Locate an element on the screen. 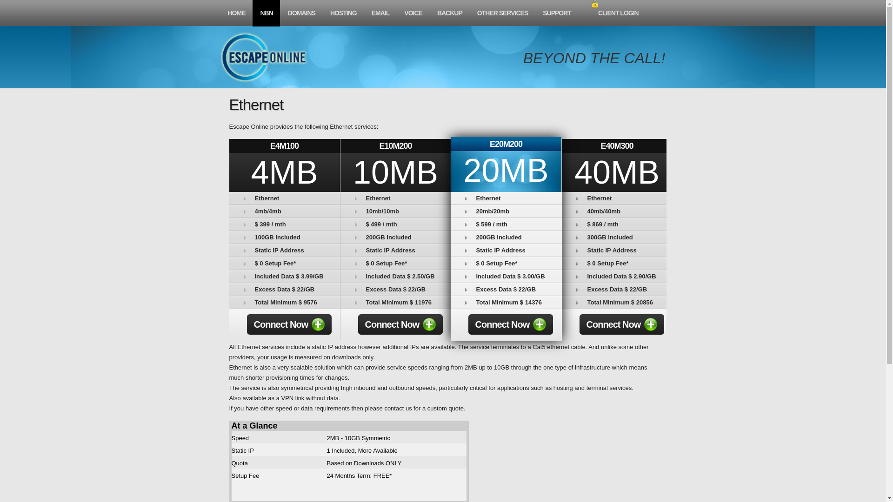 The image size is (893, 502). '200GB Included' is located at coordinates (505, 236).